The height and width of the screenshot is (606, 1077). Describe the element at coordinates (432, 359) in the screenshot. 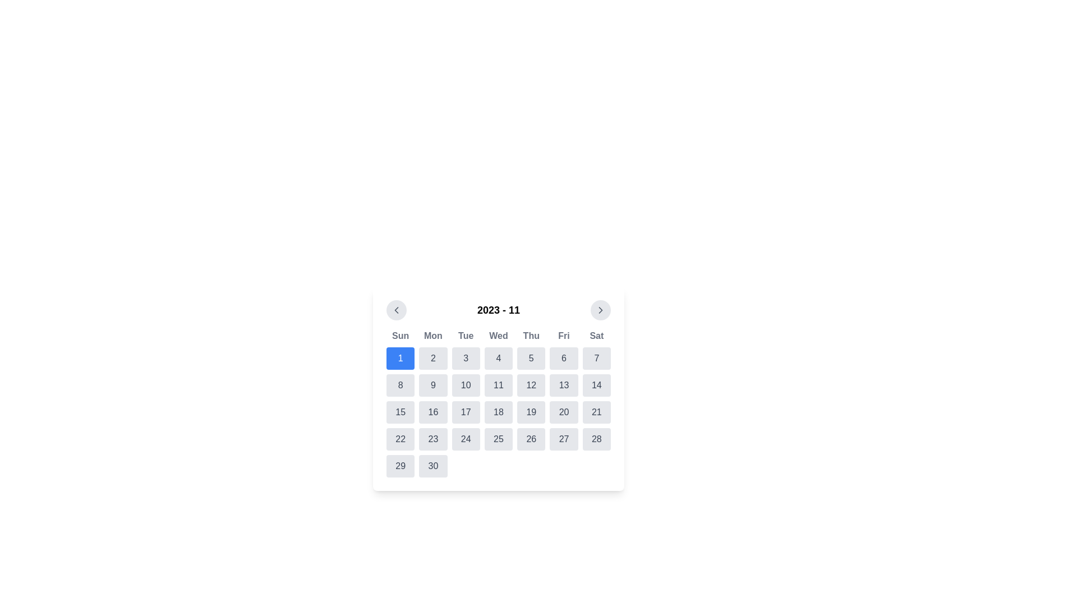

I see `the button representing the second day of the month in the calendar view` at that location.